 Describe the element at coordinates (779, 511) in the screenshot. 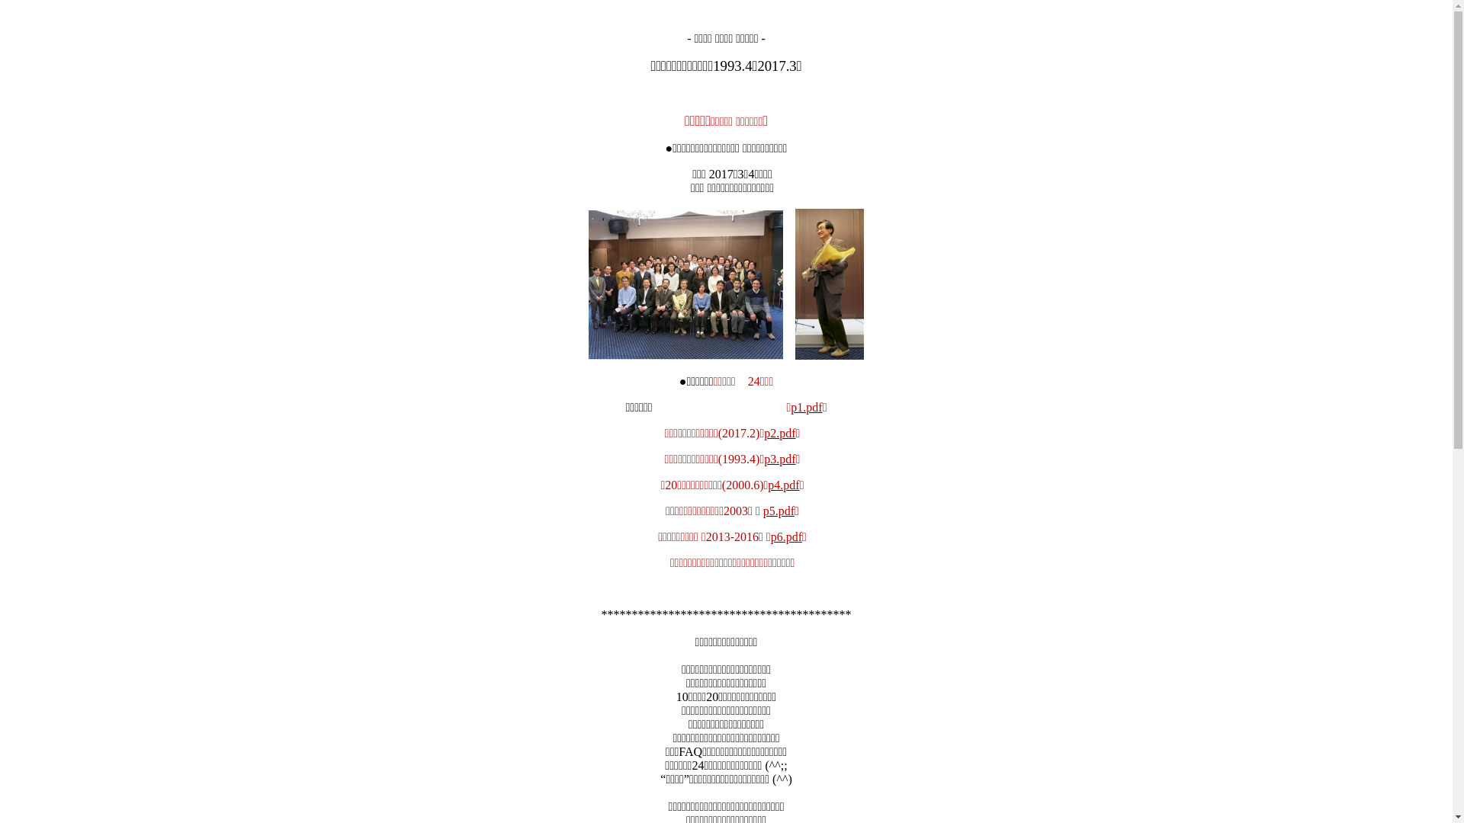

I see `'p5.pdf'` at that location.